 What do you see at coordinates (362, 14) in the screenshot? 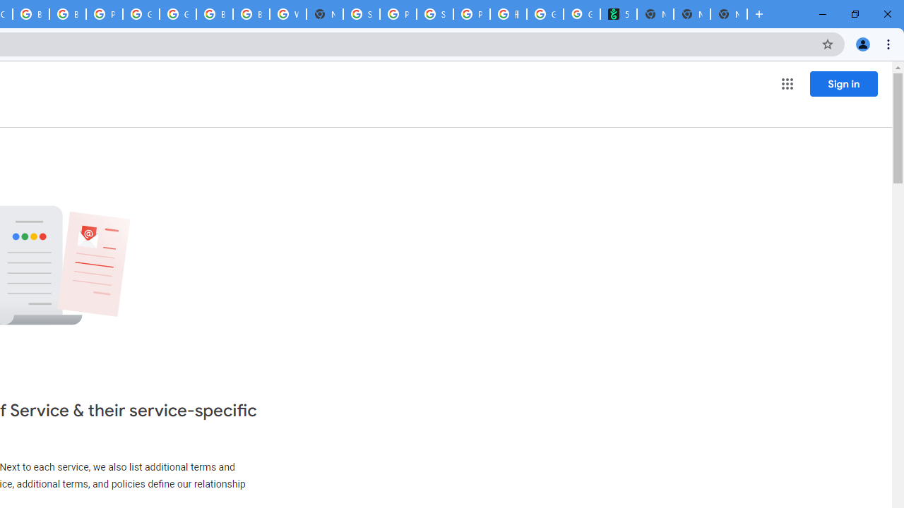
I see `'Sign in - Google Accounts'` at bounding box center [362, 14].